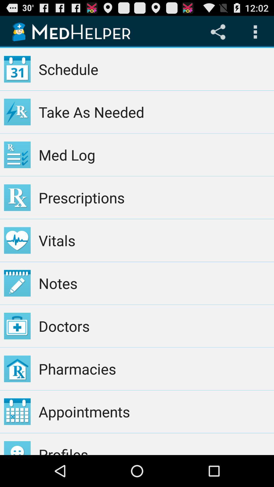 This screenshot has width=274, height=487. What do you see at coordinates (154, 283) in the screenshot?
I see `the notes app` at bounding box center [154, 283].